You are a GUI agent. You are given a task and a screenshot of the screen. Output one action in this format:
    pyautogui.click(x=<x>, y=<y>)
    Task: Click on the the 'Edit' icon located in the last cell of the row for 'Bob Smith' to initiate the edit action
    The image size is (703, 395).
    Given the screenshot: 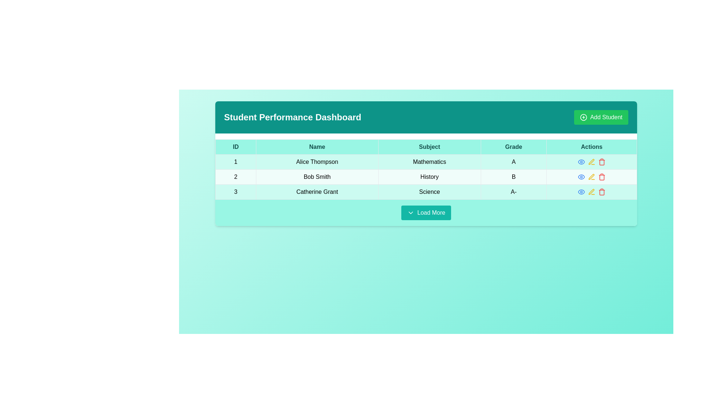 What is the action you would take?
    pyautogui.click(x=591, y=161)
    